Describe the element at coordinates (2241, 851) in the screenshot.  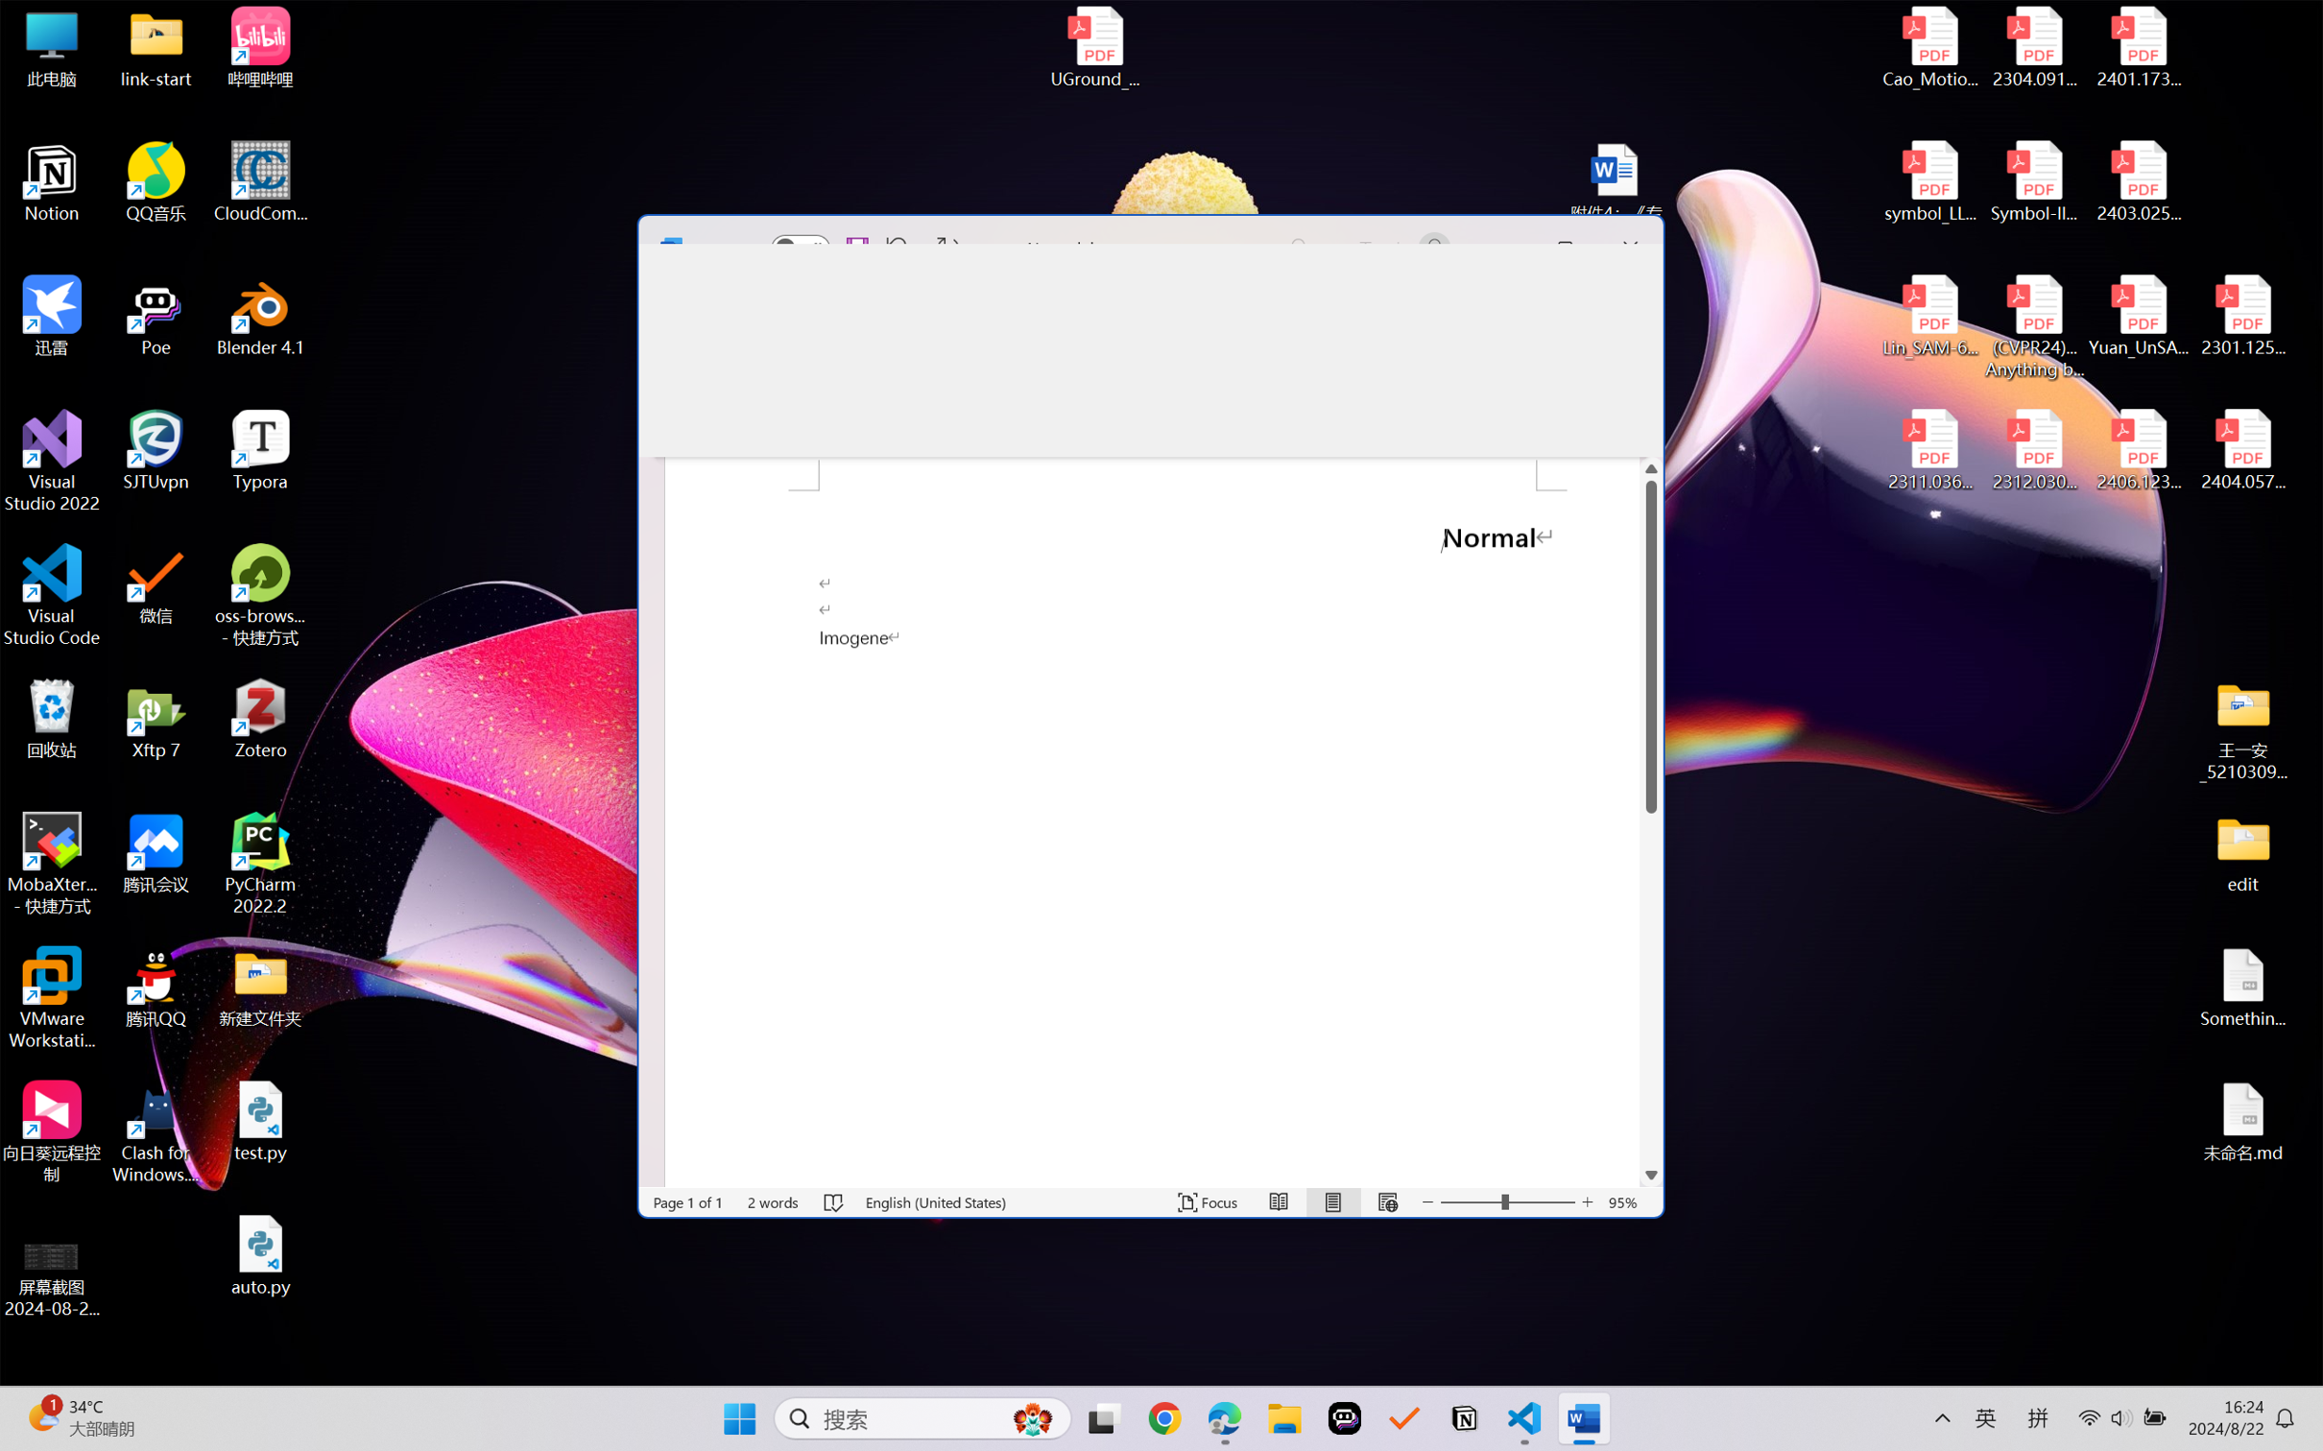
I see `'edit'` at that location.